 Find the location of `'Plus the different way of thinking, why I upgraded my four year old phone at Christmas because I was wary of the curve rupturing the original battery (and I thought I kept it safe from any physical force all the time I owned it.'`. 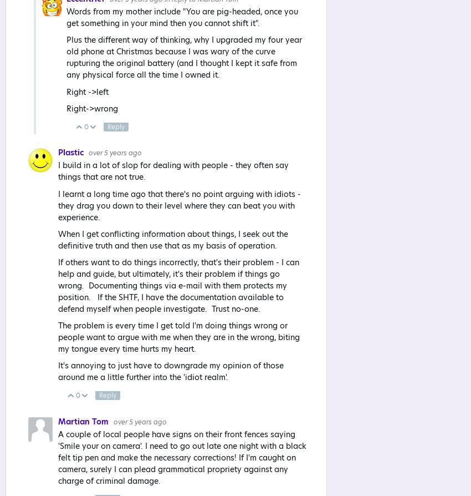

'Plus the different way of thinking, why I upgraded my four year old phone at Christmas because I was wary of the curve rupturing the original battery (and I thought I kept it safe from any physical force all the time I owned it.' is located at coordinates (184, 58).